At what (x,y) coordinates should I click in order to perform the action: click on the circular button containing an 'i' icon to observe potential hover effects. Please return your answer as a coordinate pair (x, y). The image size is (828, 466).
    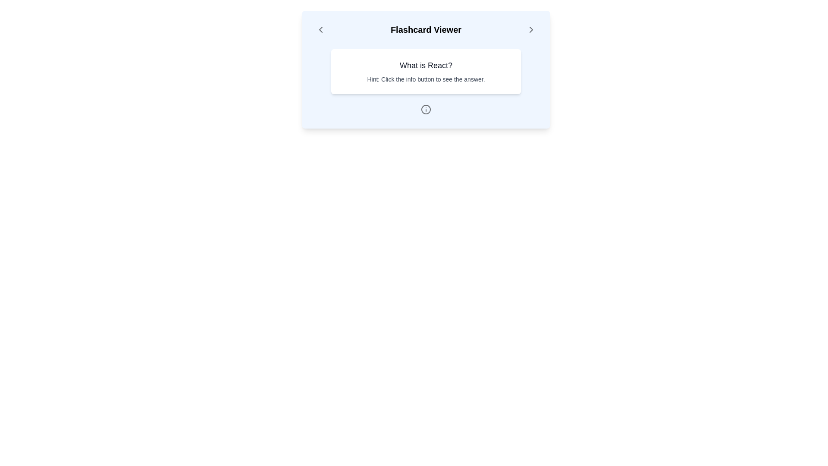
    Looking at the image, I should click on (426, 109).